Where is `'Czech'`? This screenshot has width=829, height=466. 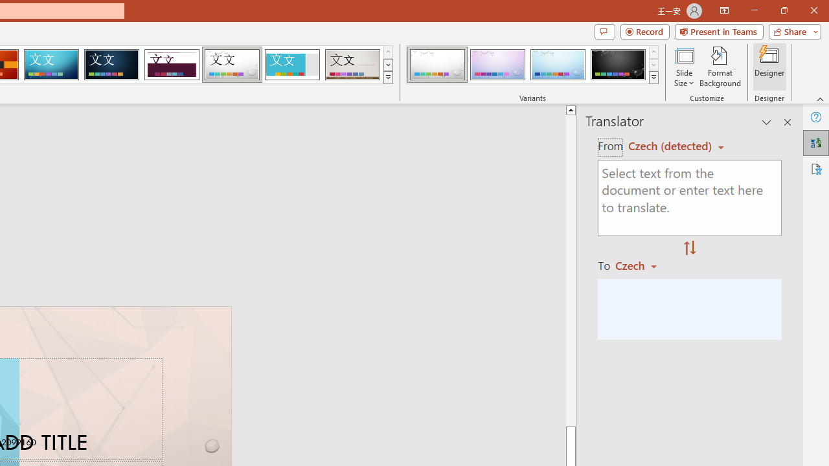
'Czech' is located at coordinates (642, 265).